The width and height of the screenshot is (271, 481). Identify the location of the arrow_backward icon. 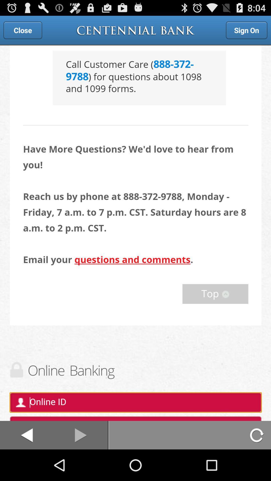
(27, 465).